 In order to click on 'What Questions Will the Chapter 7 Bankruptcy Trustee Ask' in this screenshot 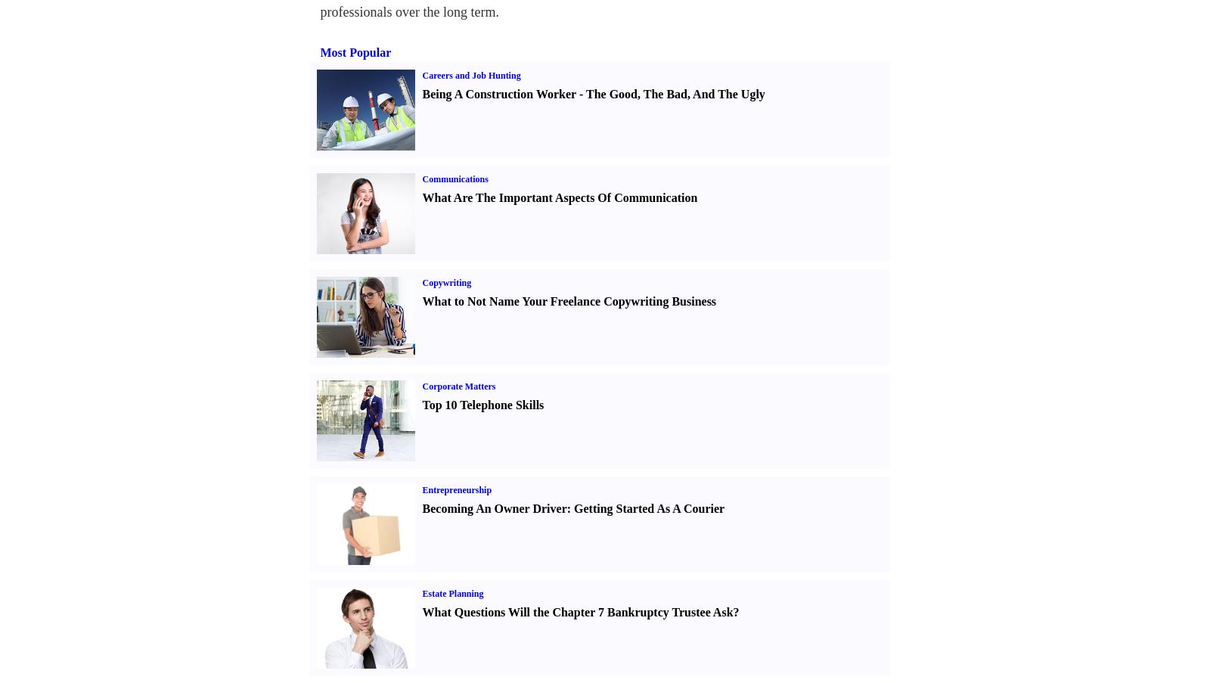, I will do `click(577, 611)`.